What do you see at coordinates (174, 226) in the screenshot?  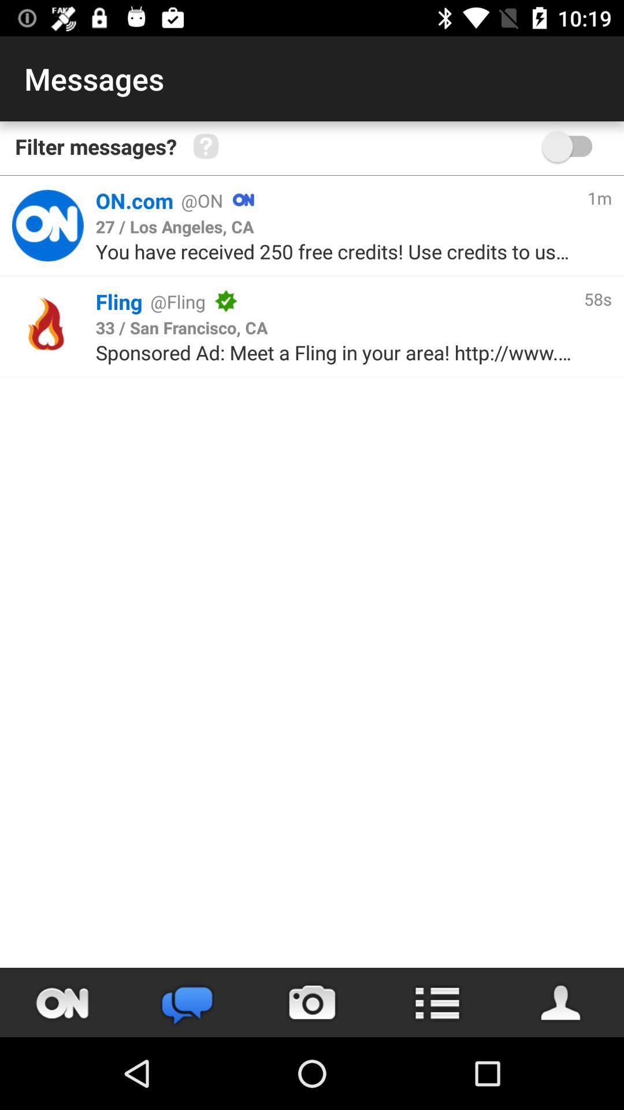 I see `the item above you have received icon` at bounding box center [174, 226].